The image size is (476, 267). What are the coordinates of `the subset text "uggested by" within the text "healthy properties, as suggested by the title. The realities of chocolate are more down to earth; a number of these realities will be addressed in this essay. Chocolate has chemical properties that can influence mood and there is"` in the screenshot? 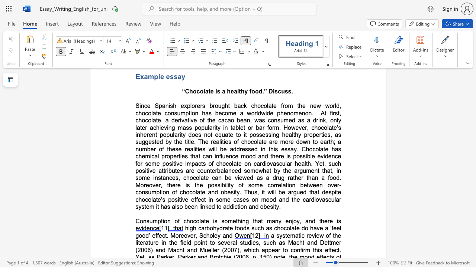 It's located at (138, 142).